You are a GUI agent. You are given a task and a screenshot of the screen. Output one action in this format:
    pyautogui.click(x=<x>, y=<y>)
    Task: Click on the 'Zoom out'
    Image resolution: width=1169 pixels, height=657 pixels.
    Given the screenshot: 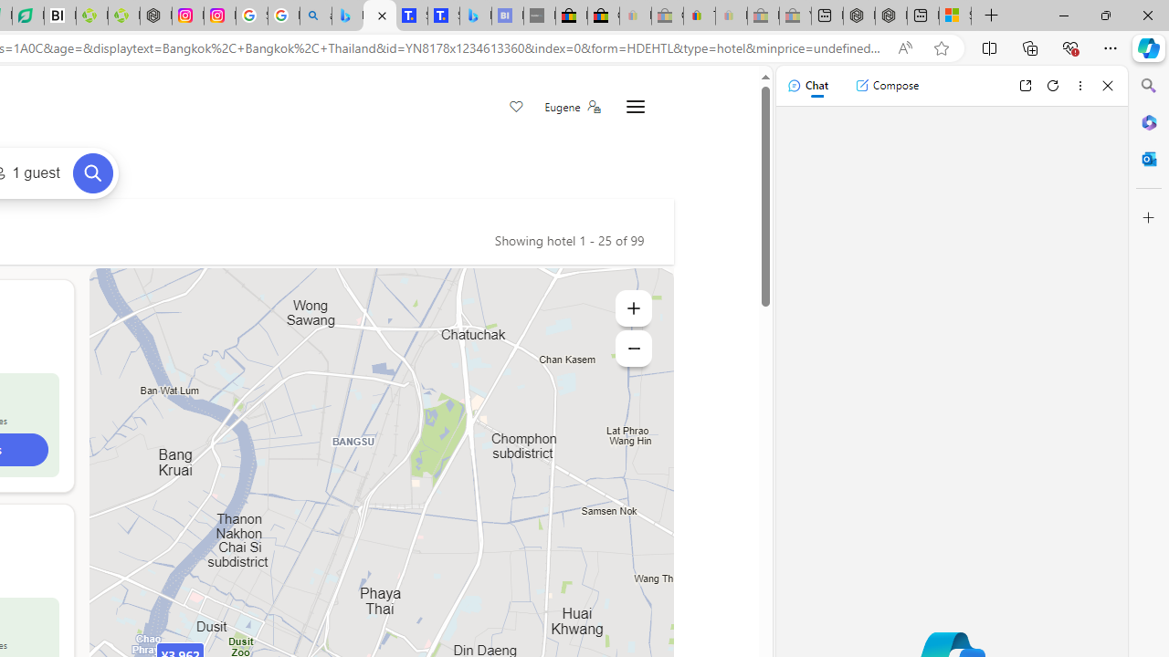 What is the action you would take?
    pyautogui.click(x=633, y=348)
    